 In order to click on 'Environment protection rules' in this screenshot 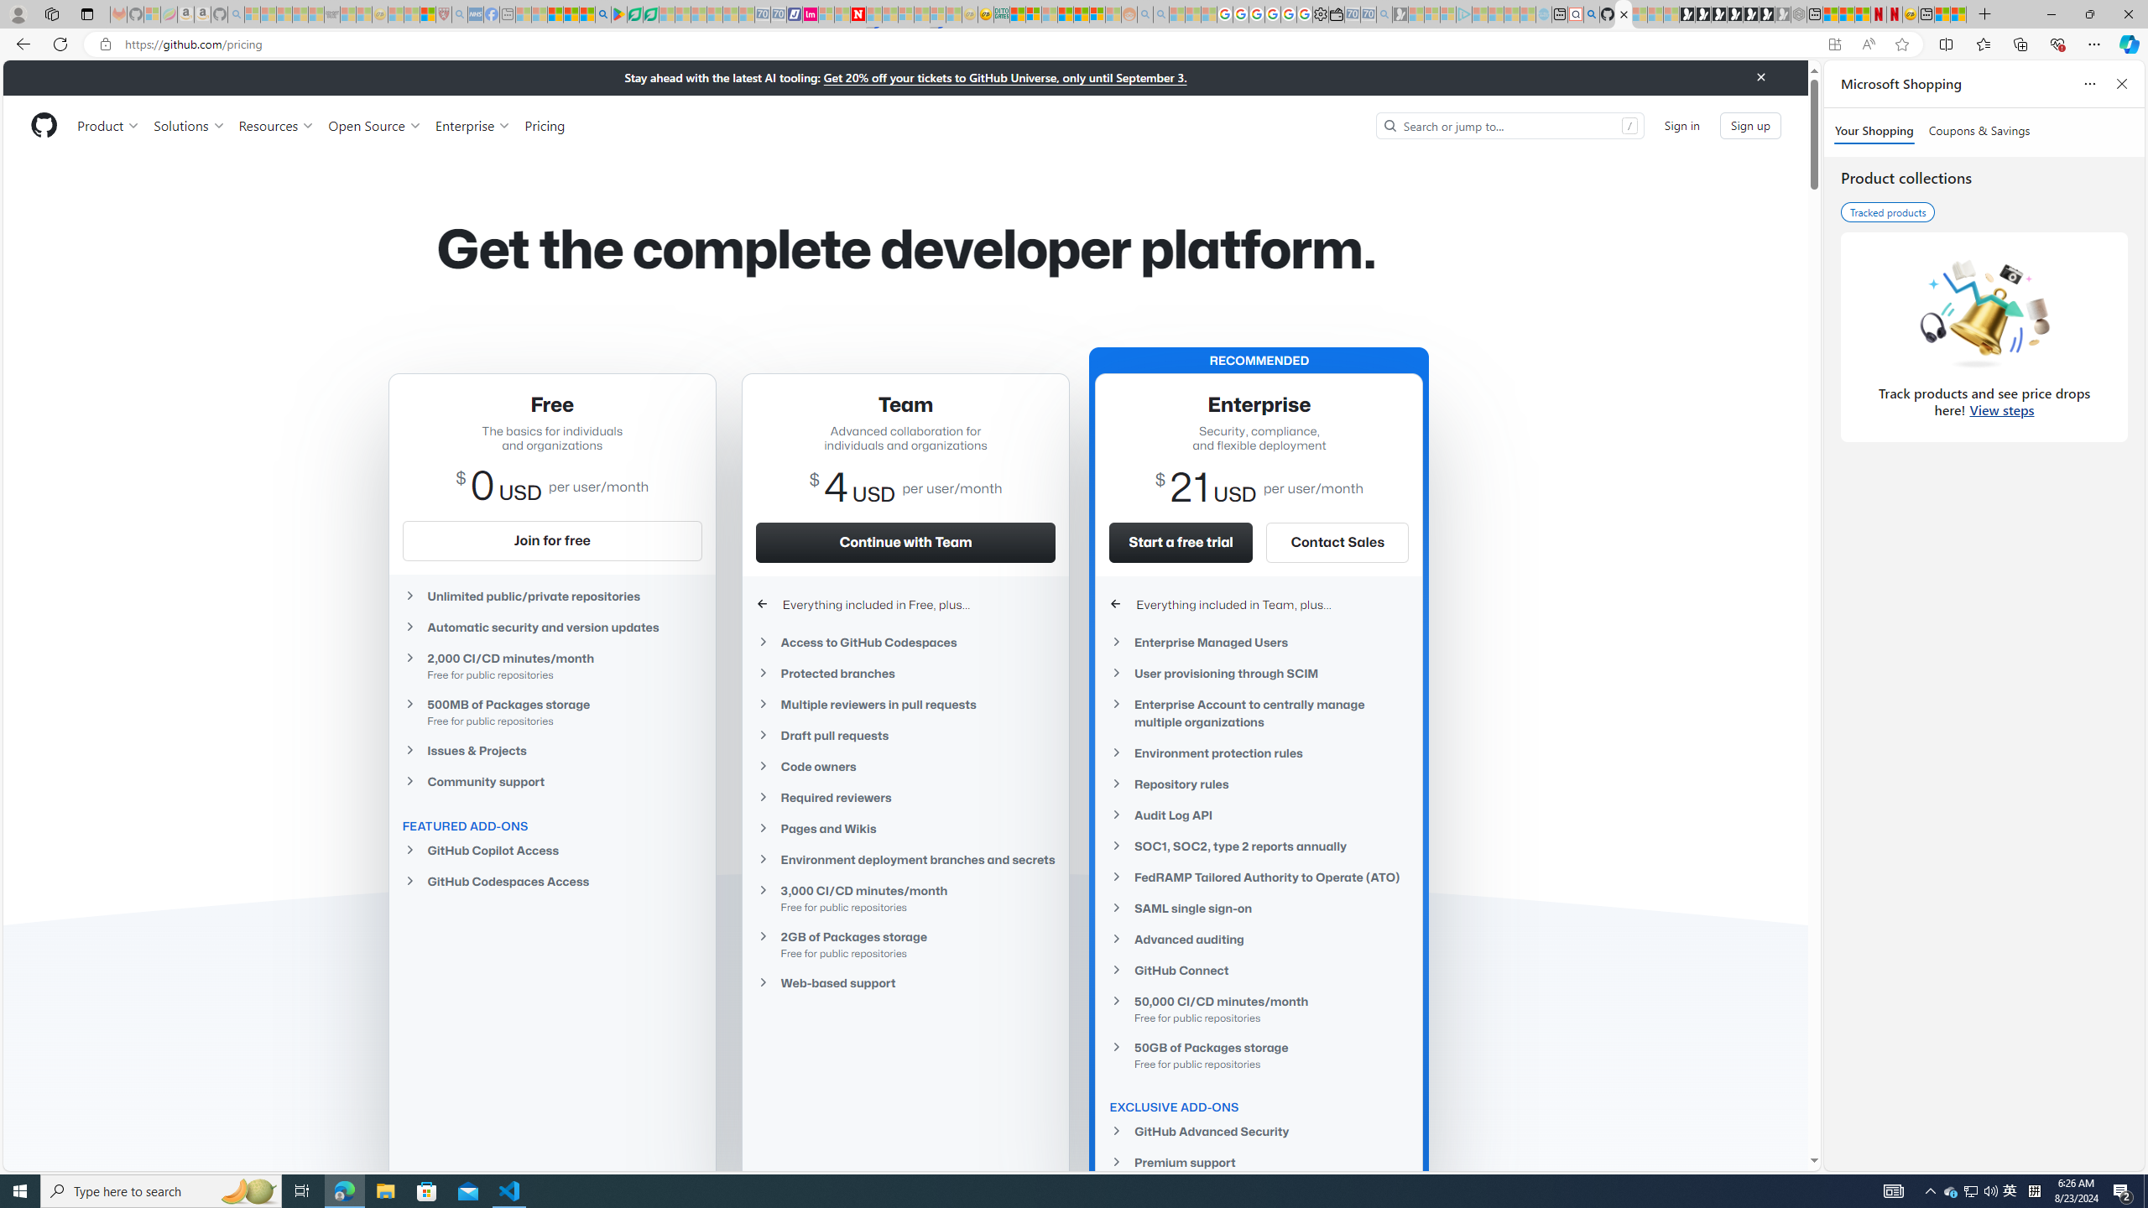, I will do `click(1259, 752)`.